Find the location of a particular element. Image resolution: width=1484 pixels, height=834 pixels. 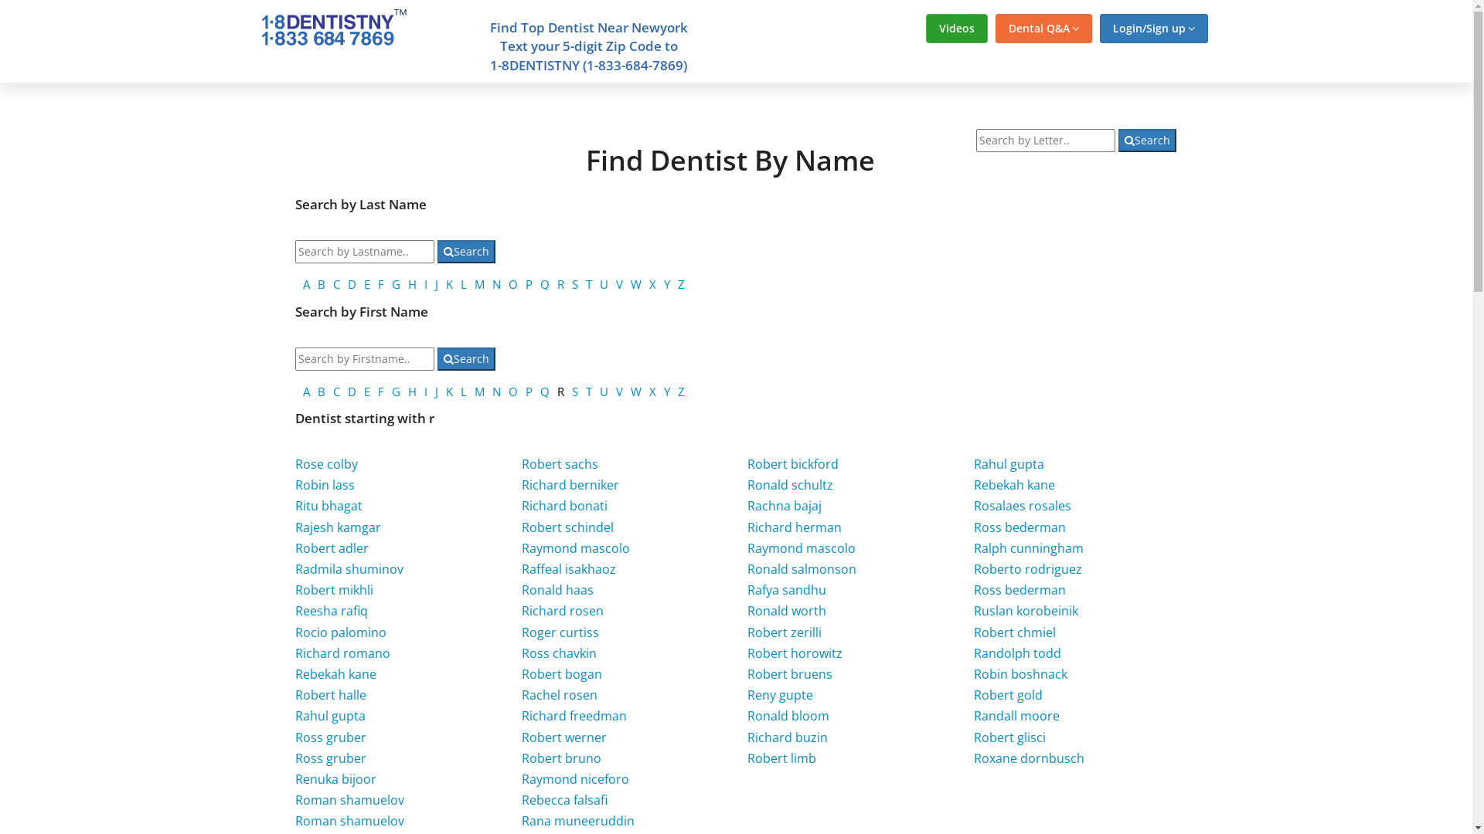

'Robert zerilli' is located at coordinates (784, 632).